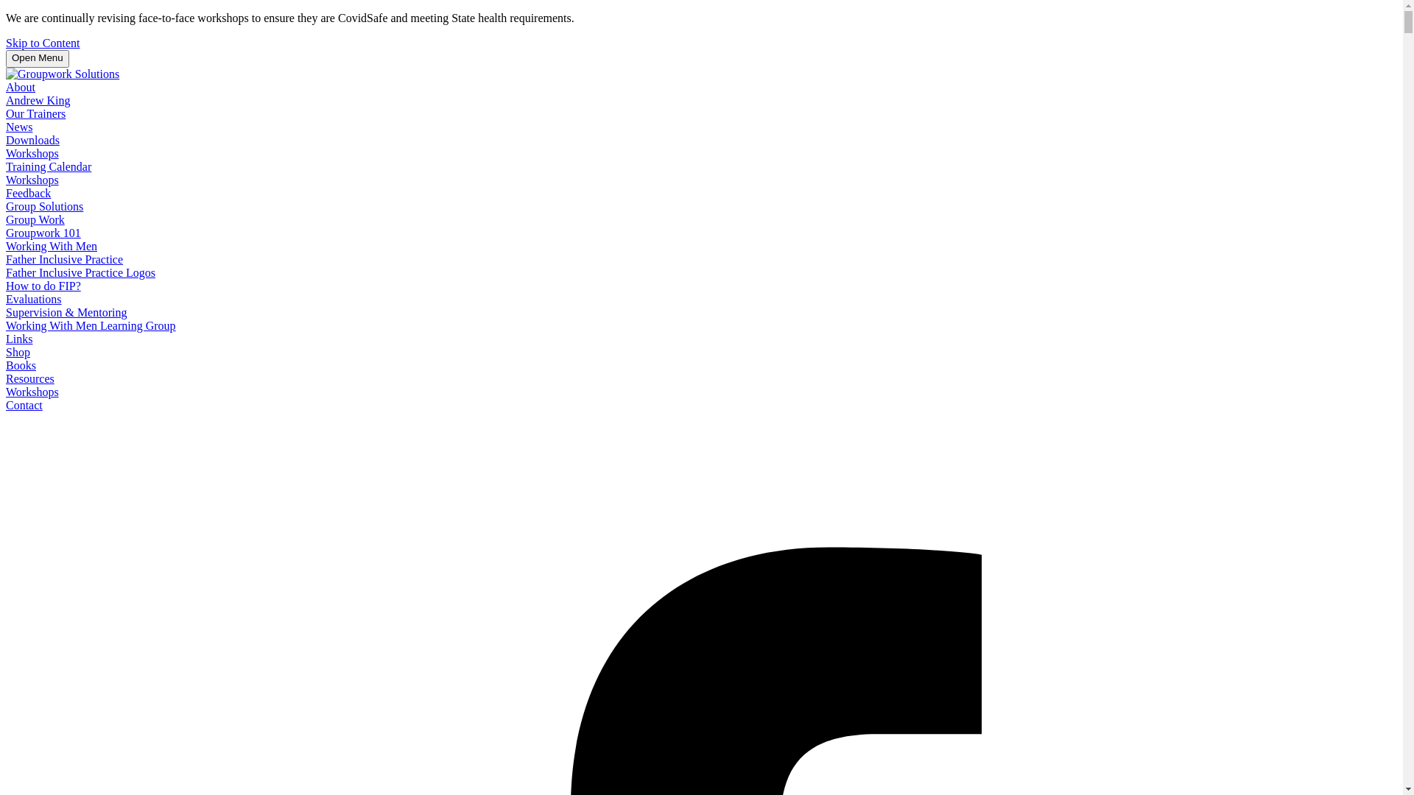 Image resolution: width=1414 pixels, height=795 pixels. What do you see at coordinates (35, 219) in the screenshot?
I see `'Group Work'` at bounding box center [35, 219].